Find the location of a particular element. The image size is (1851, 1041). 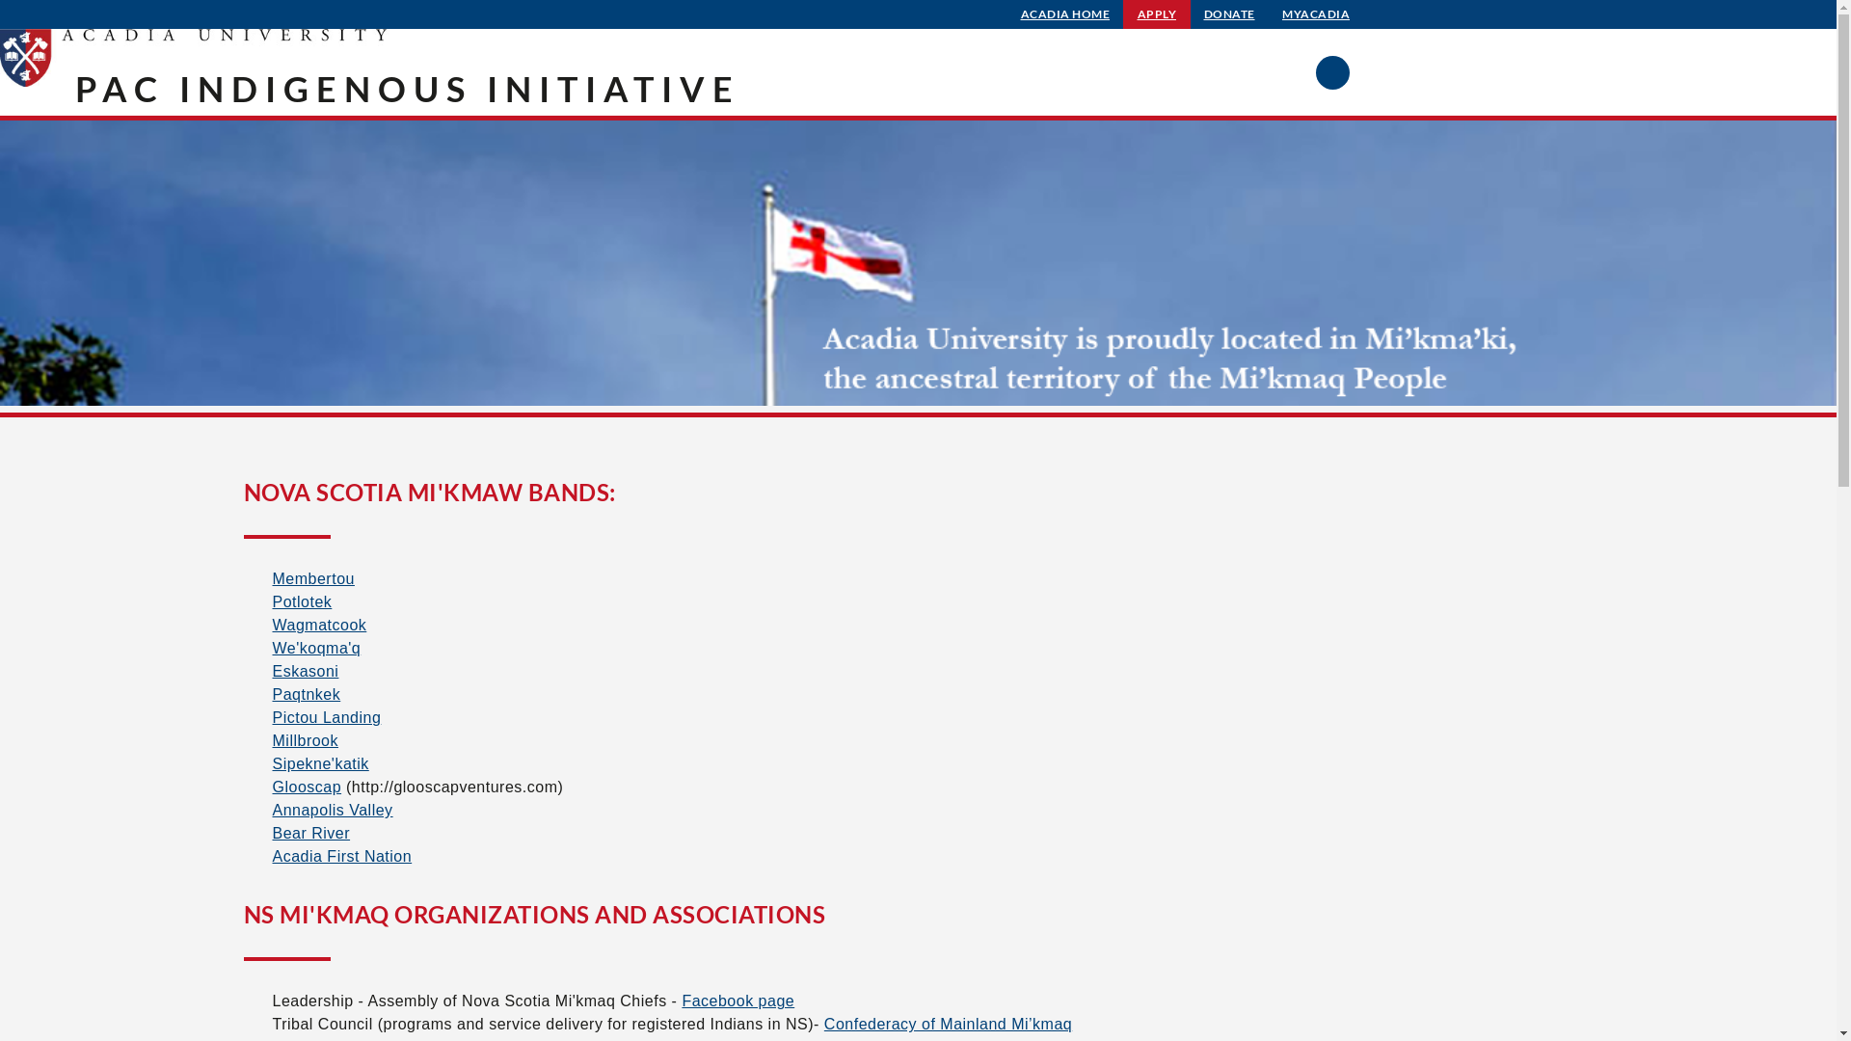

'Paqtnkek' is located at coordinates (305, 694).